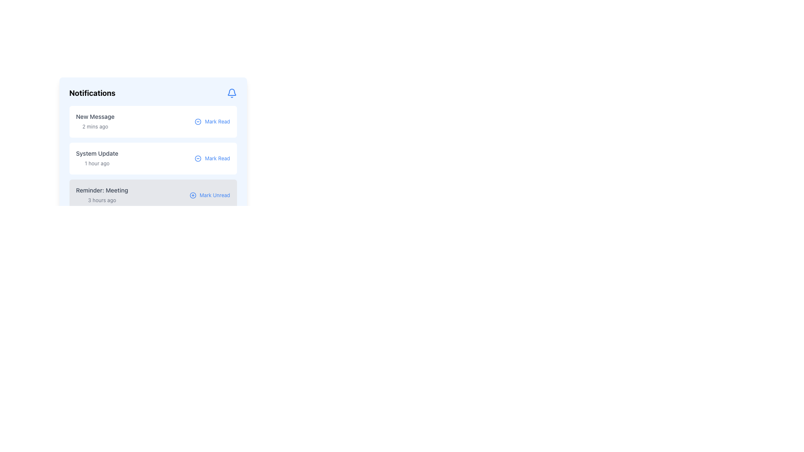 The height and width of the screenshot is (452, 804). I want to click on the blue bell icon located at the top-right corner of the notification panel, so click(232, 92).